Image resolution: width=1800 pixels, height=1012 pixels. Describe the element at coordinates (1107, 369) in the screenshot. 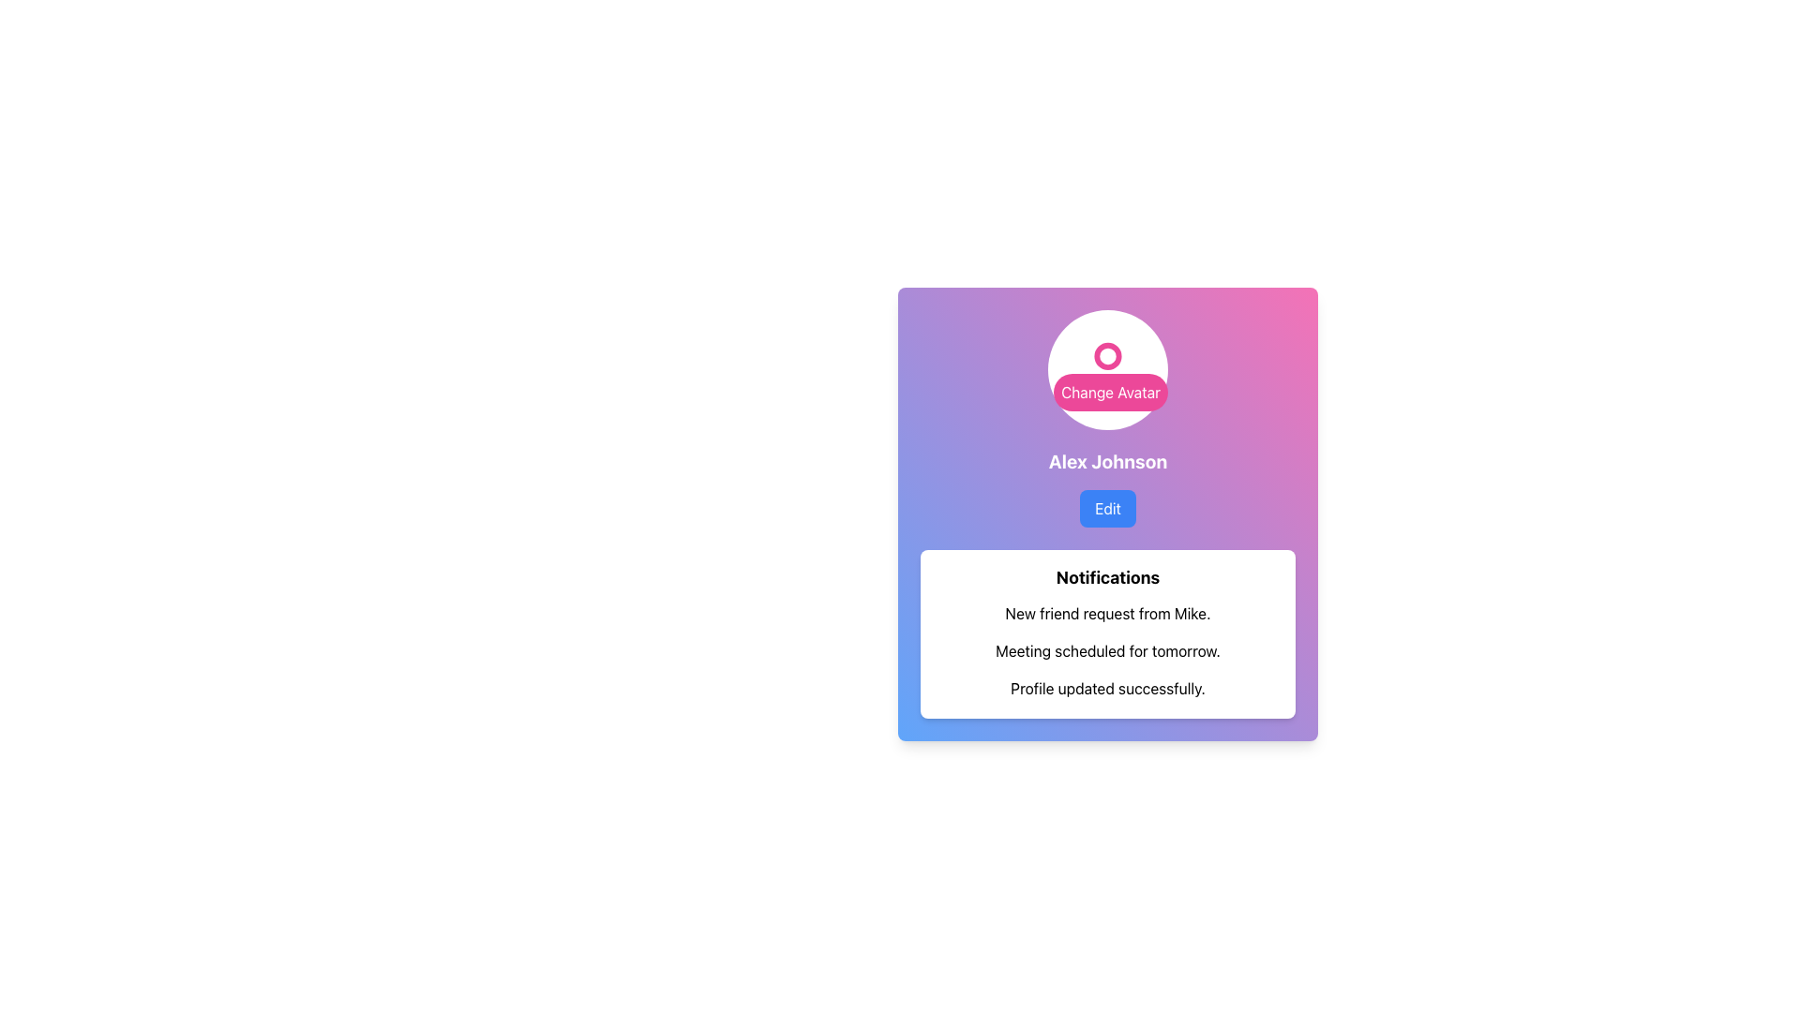

I see `the interactive visual area representing the user's avatar customization, located in the center of the profile section above the username` at that location.